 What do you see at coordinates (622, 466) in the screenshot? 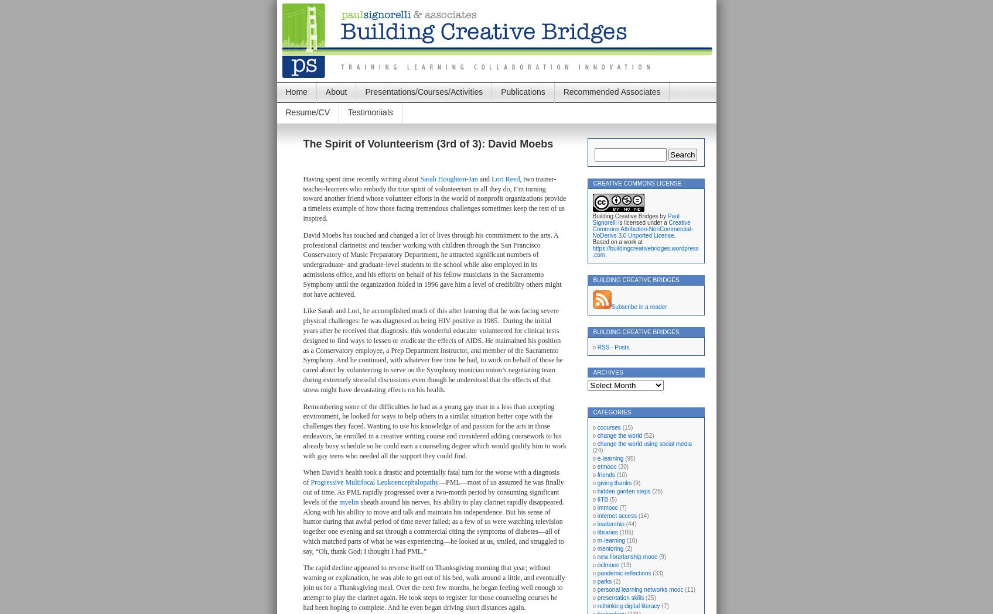
I see `'(30)'` at bounding box center [622, 466].